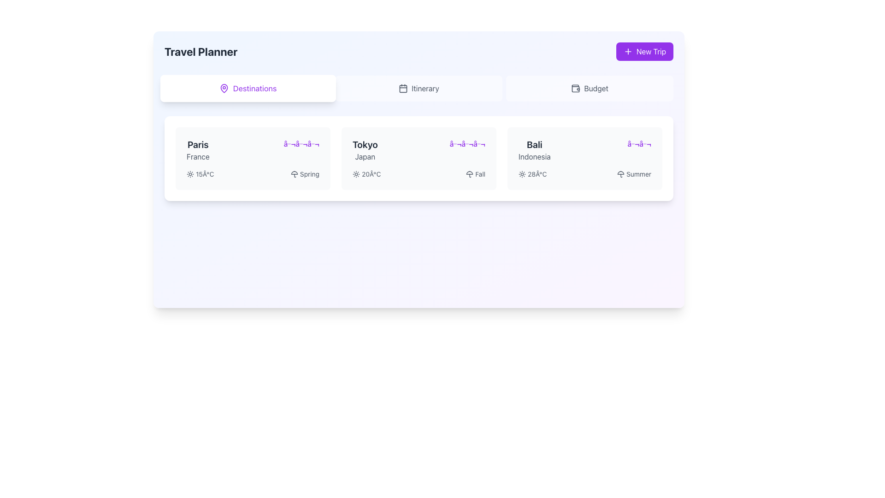  Describe the element at coordinates (639, 144) in the screenshot. I see `the text element styled in purple with euro currency symbols (€€) located on the right side of the 'Bali Indonesia' card` at that location.